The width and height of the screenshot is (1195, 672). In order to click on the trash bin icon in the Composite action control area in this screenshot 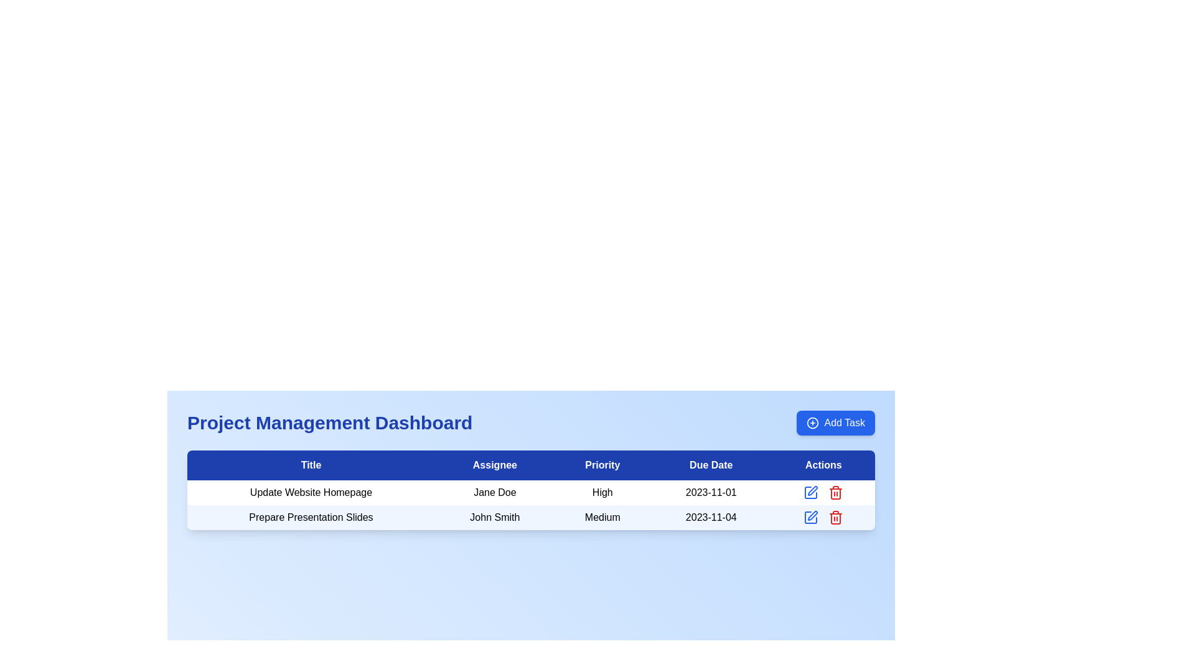, I will do `click(823, 492)`.